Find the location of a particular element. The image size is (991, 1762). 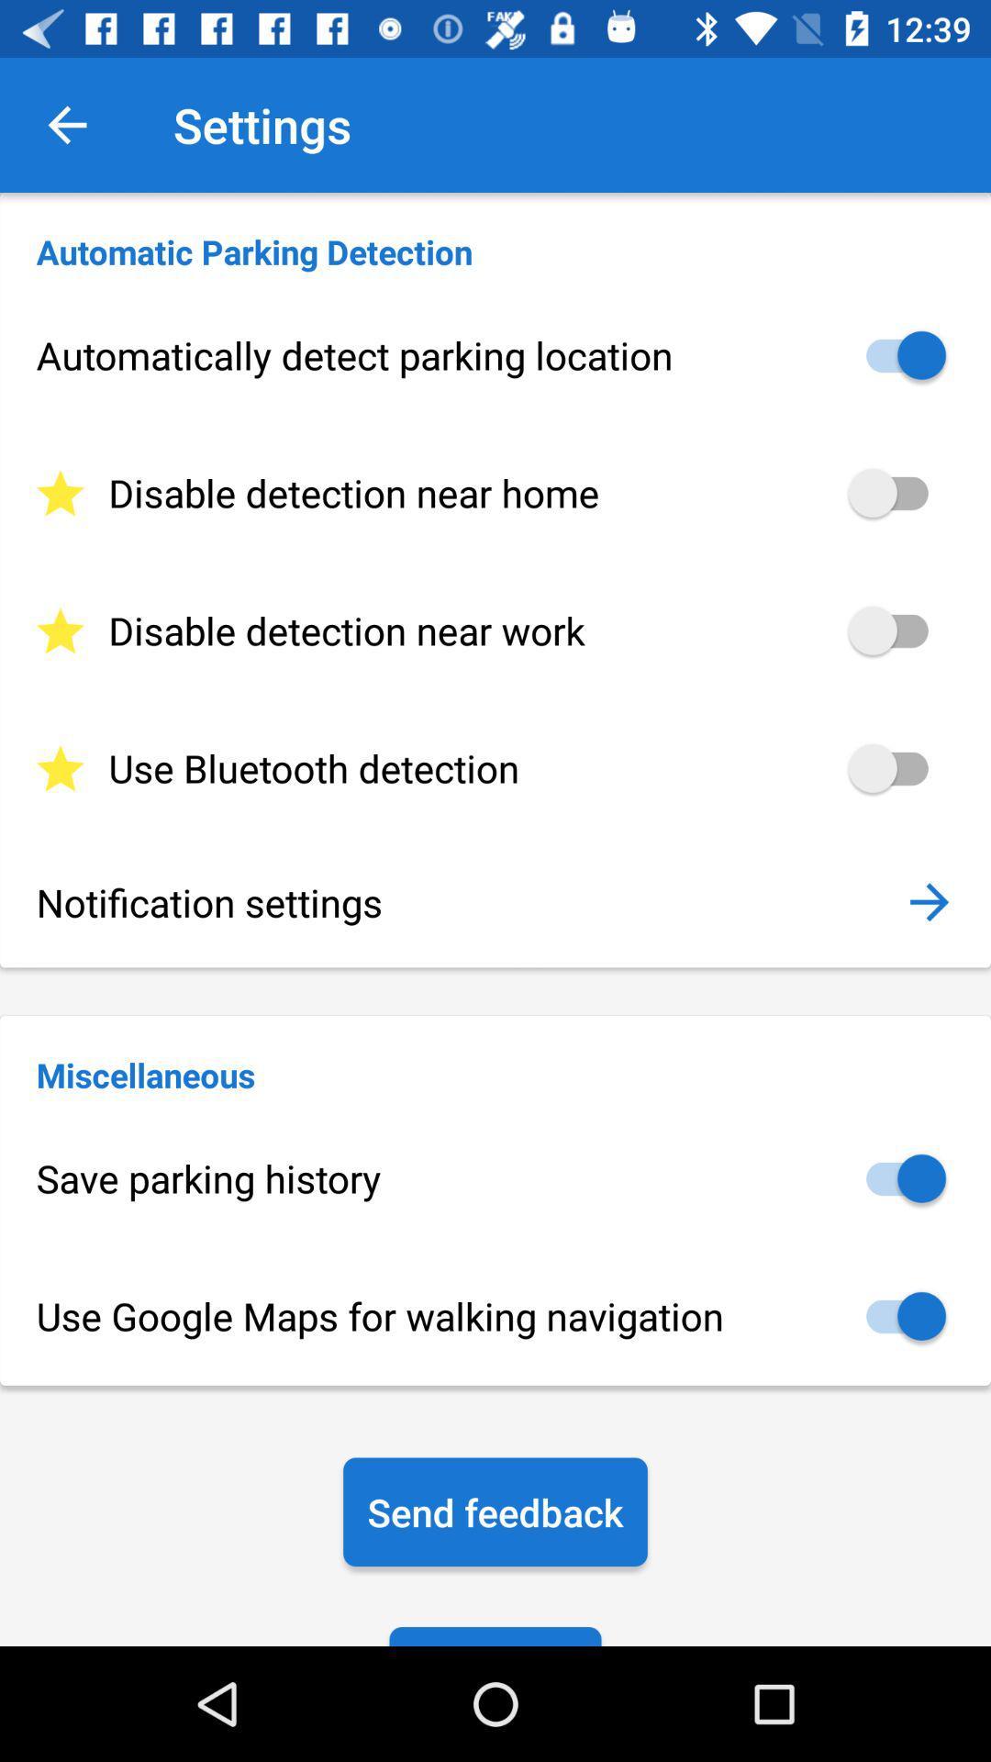

the icon below disable detection near icon is located at coordinates (495, 768).